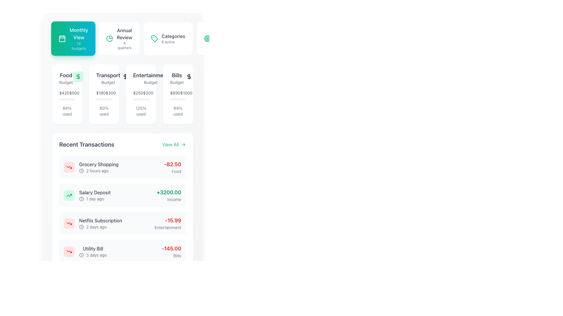 The image size is (563, 316). I want to click on the bold red numeric label displaying '-15.99' under the 'Recent Transactions' section next to 'Netflix Subscription', so click(167, 223).